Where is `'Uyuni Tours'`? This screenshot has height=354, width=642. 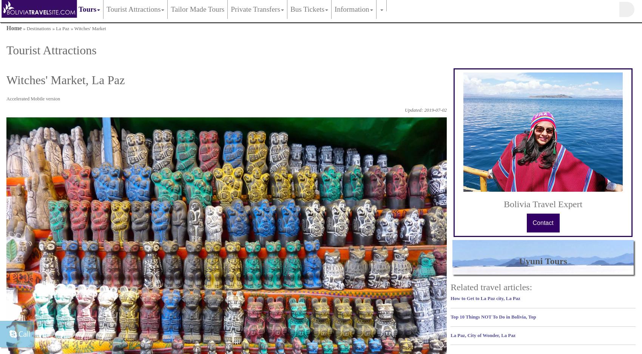 'Uyuni Tours' is located at coordinates (542, 261).